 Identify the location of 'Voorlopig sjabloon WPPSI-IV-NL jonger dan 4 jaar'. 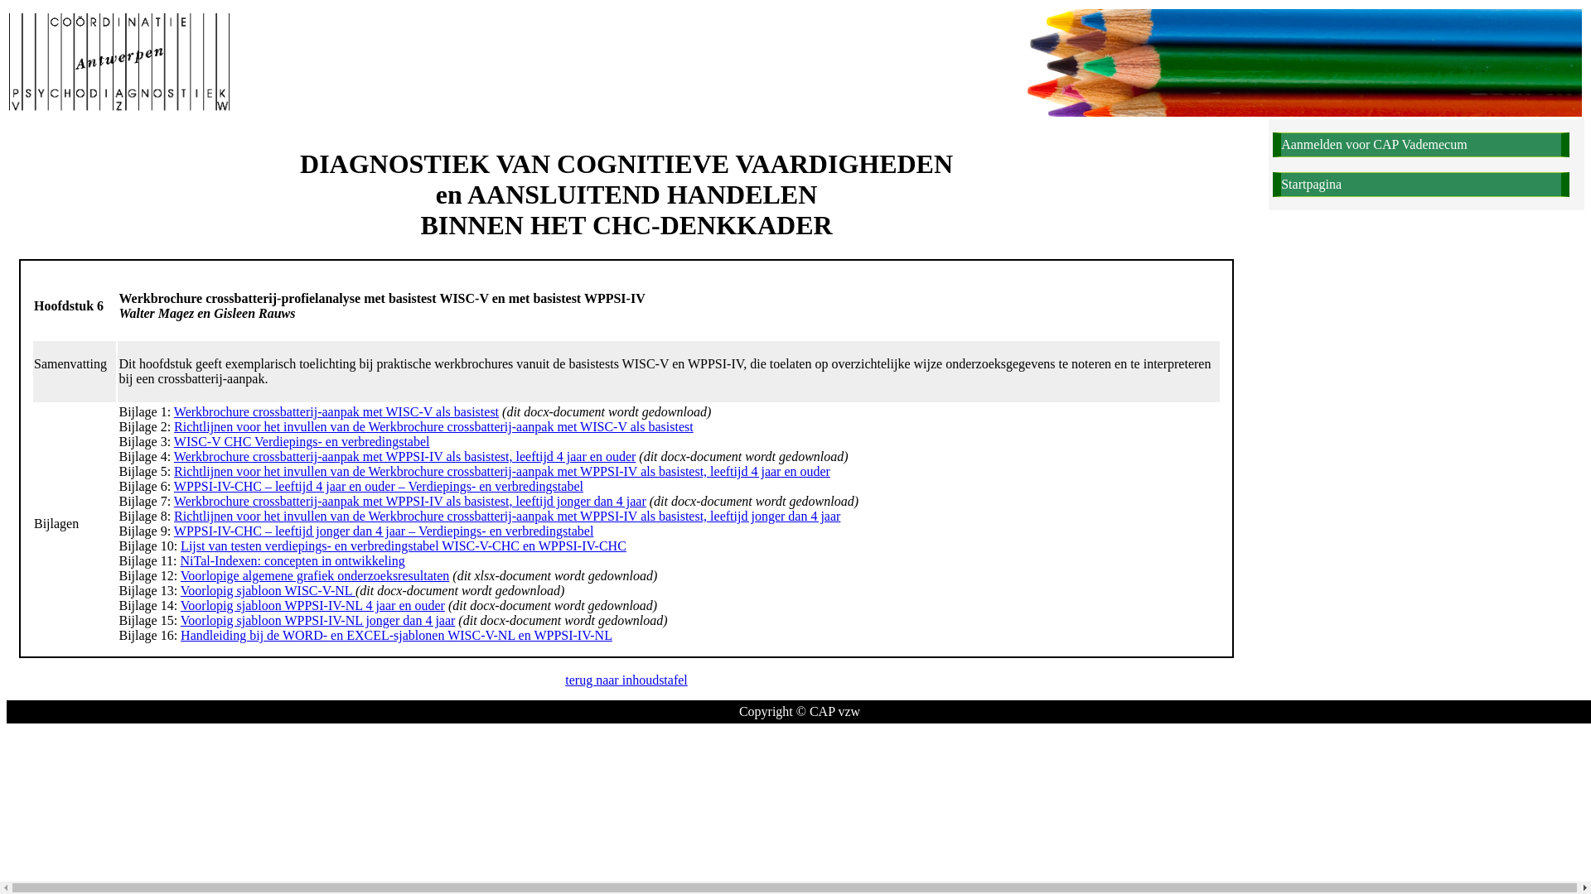
(318, 620).